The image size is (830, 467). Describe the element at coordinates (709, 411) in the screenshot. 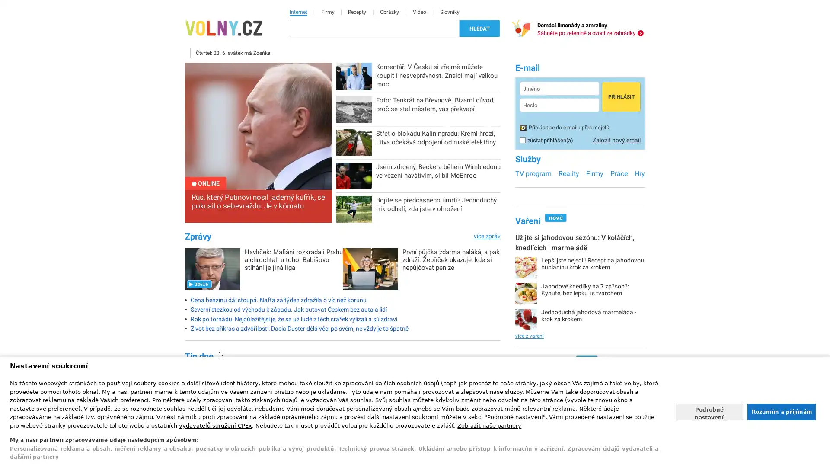

I see `Nastavte sve souhlasy` at that location.